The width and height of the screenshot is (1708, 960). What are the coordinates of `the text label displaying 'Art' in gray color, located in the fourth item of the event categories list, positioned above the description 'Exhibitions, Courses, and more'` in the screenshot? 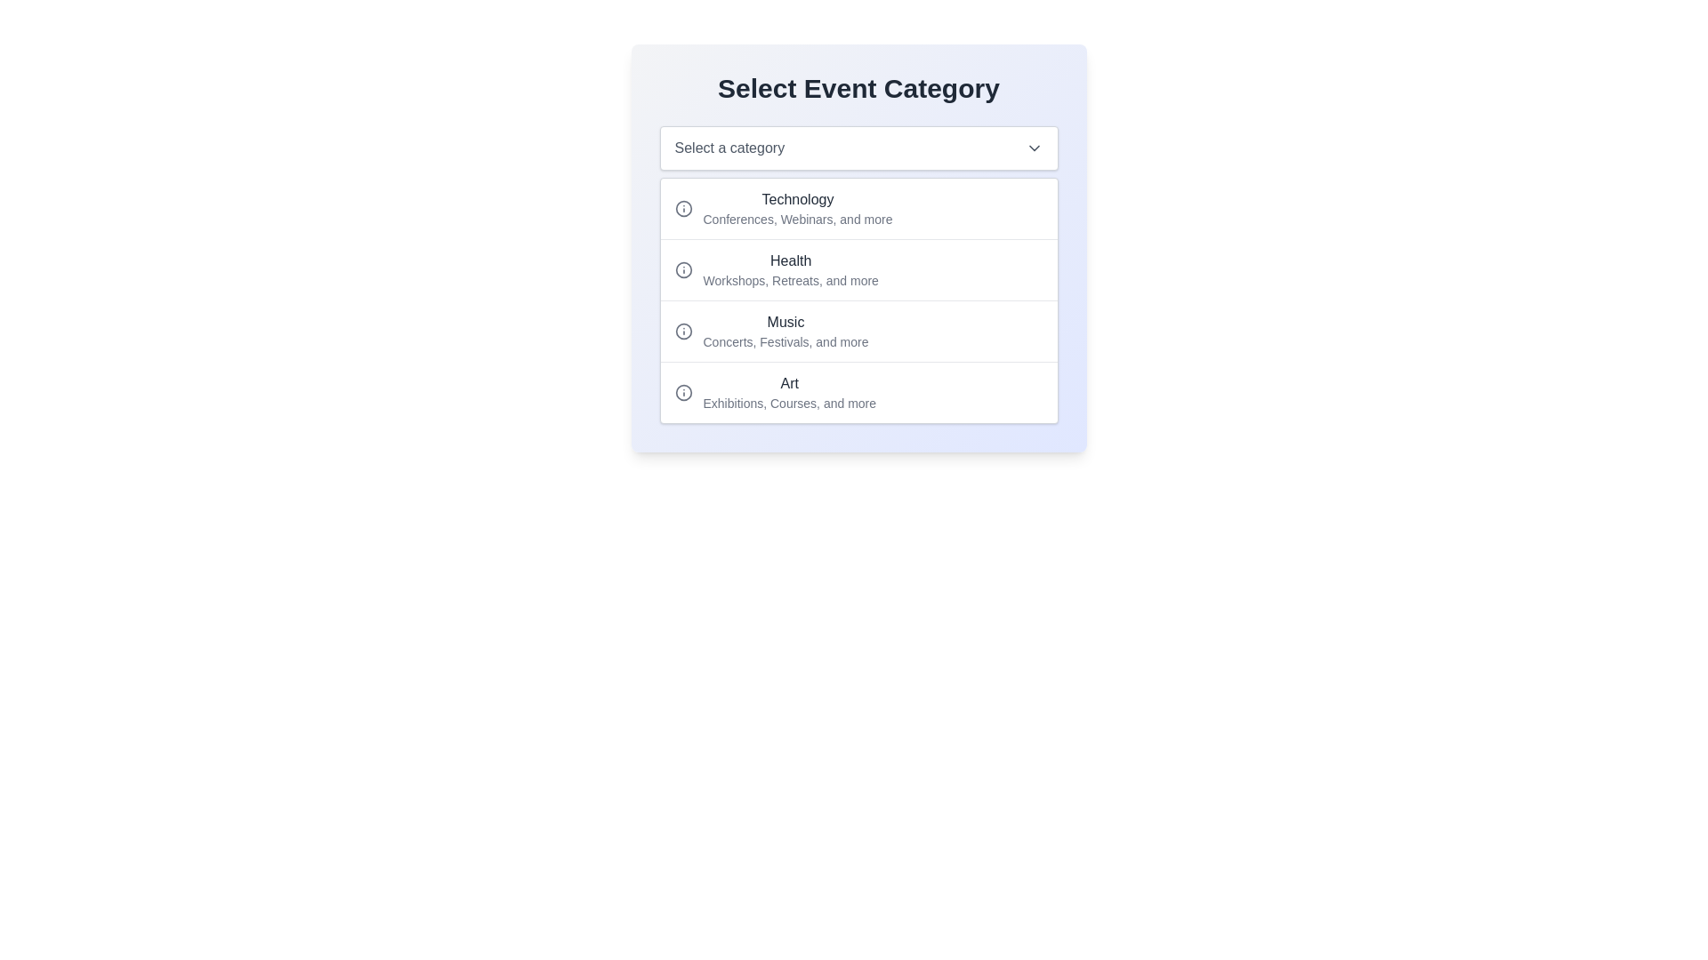 It's located at (788, 383).